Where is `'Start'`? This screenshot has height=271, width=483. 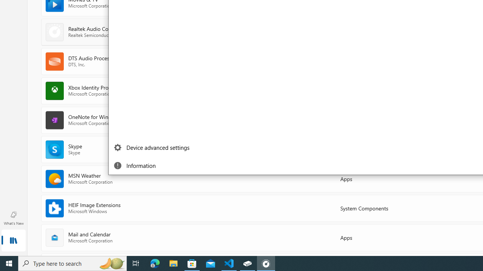
'Start' is located at coordinates (9, 263).